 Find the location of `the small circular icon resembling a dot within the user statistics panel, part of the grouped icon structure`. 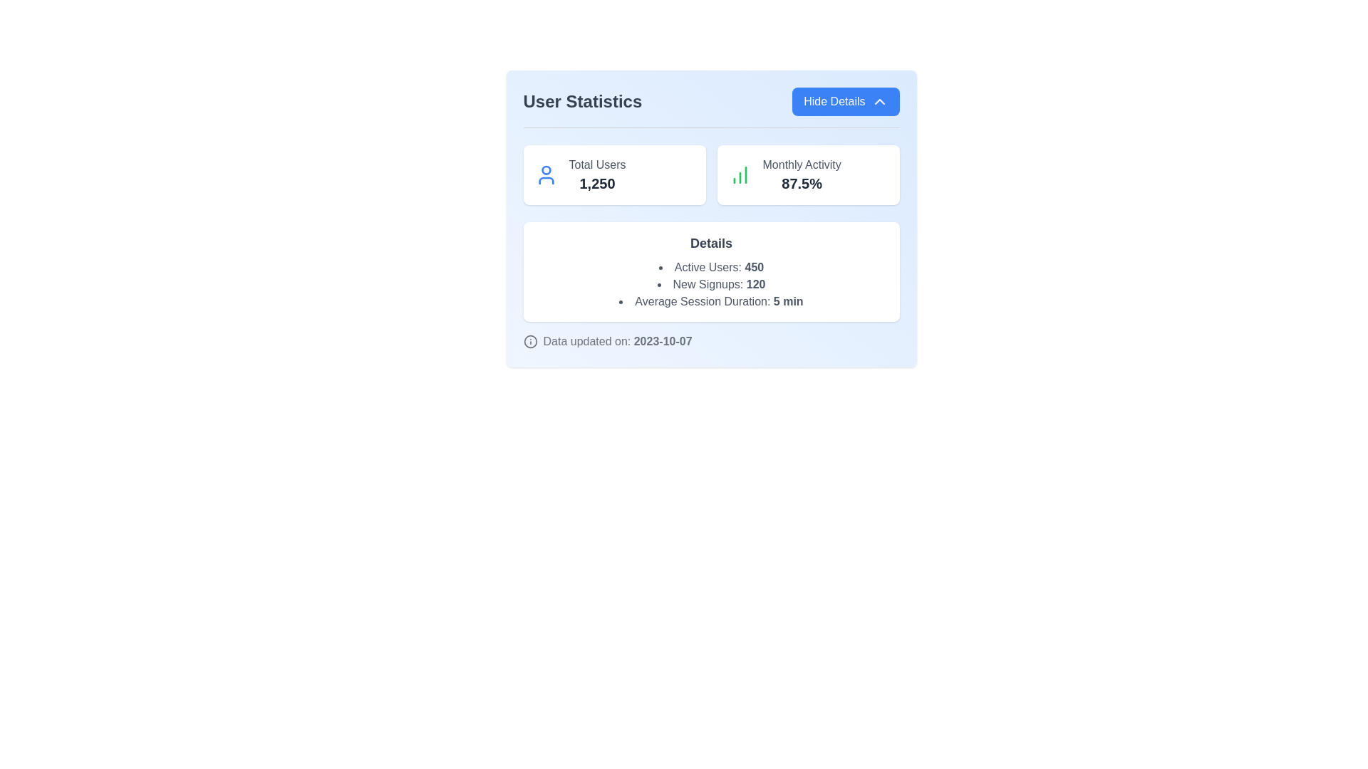

the small circular icon resembling a dot within the user statistics panel, part of the grouped icon structure is located at coordinates (529, 341).